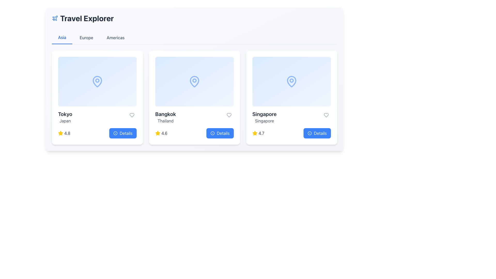 This screenshot has height=279, width=496. What do you see at coordinates (261, 133) in the screenshot?
I see `the text label displaying the rating value '4.7' located in the bottom-left section of the third city card, which is immediately to the right of a yellow star icon` at bounding box center [261, 133].